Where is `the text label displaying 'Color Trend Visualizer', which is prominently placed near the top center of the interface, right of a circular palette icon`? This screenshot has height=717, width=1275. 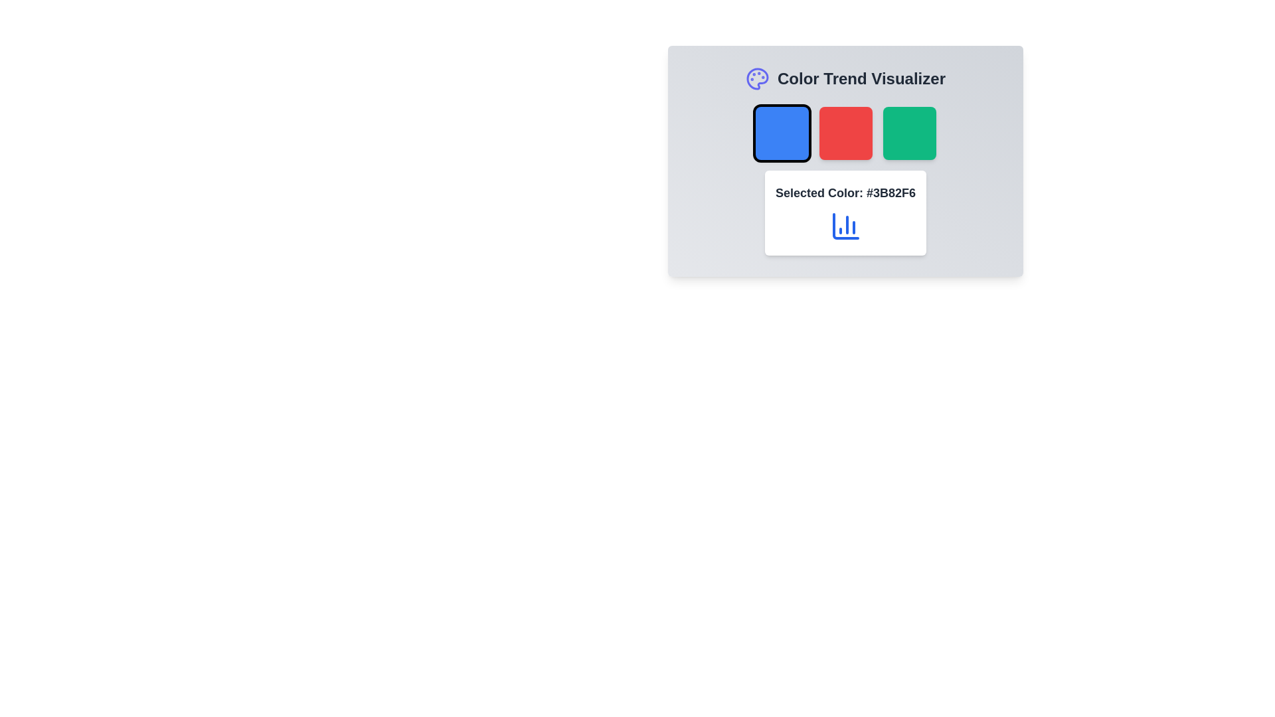 the text label displaying 'Color Trend Visualizer', which is prominently placed near the top center of the interface, right of a circular palette icon is located at coordinates (861, 79).